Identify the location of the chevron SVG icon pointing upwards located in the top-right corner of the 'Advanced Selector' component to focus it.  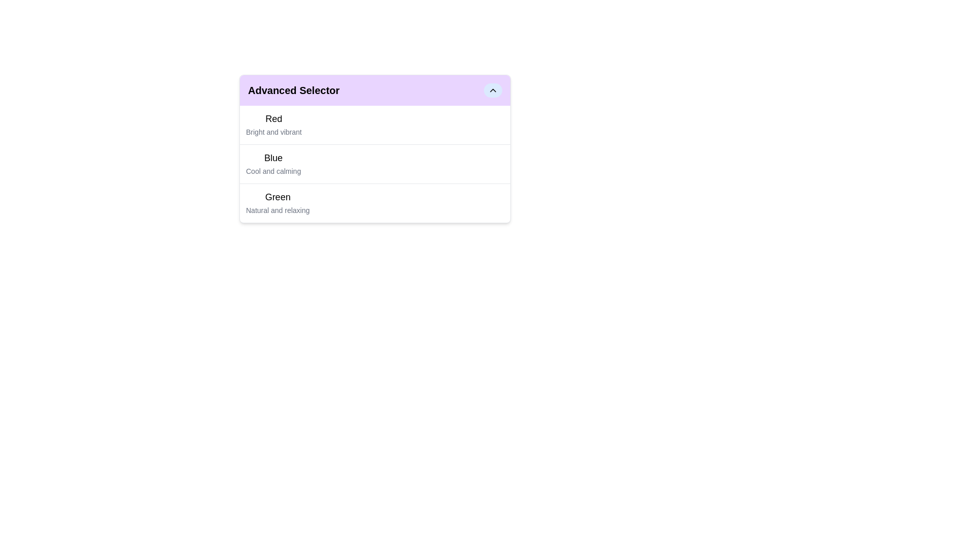
(493, 89).